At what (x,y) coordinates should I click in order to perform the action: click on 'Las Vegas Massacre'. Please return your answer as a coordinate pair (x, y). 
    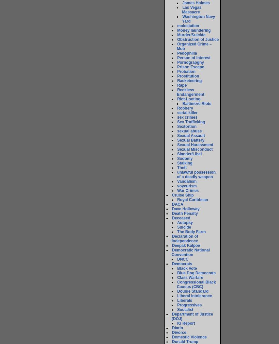
    Looking at the image, I should click on (191, 9).